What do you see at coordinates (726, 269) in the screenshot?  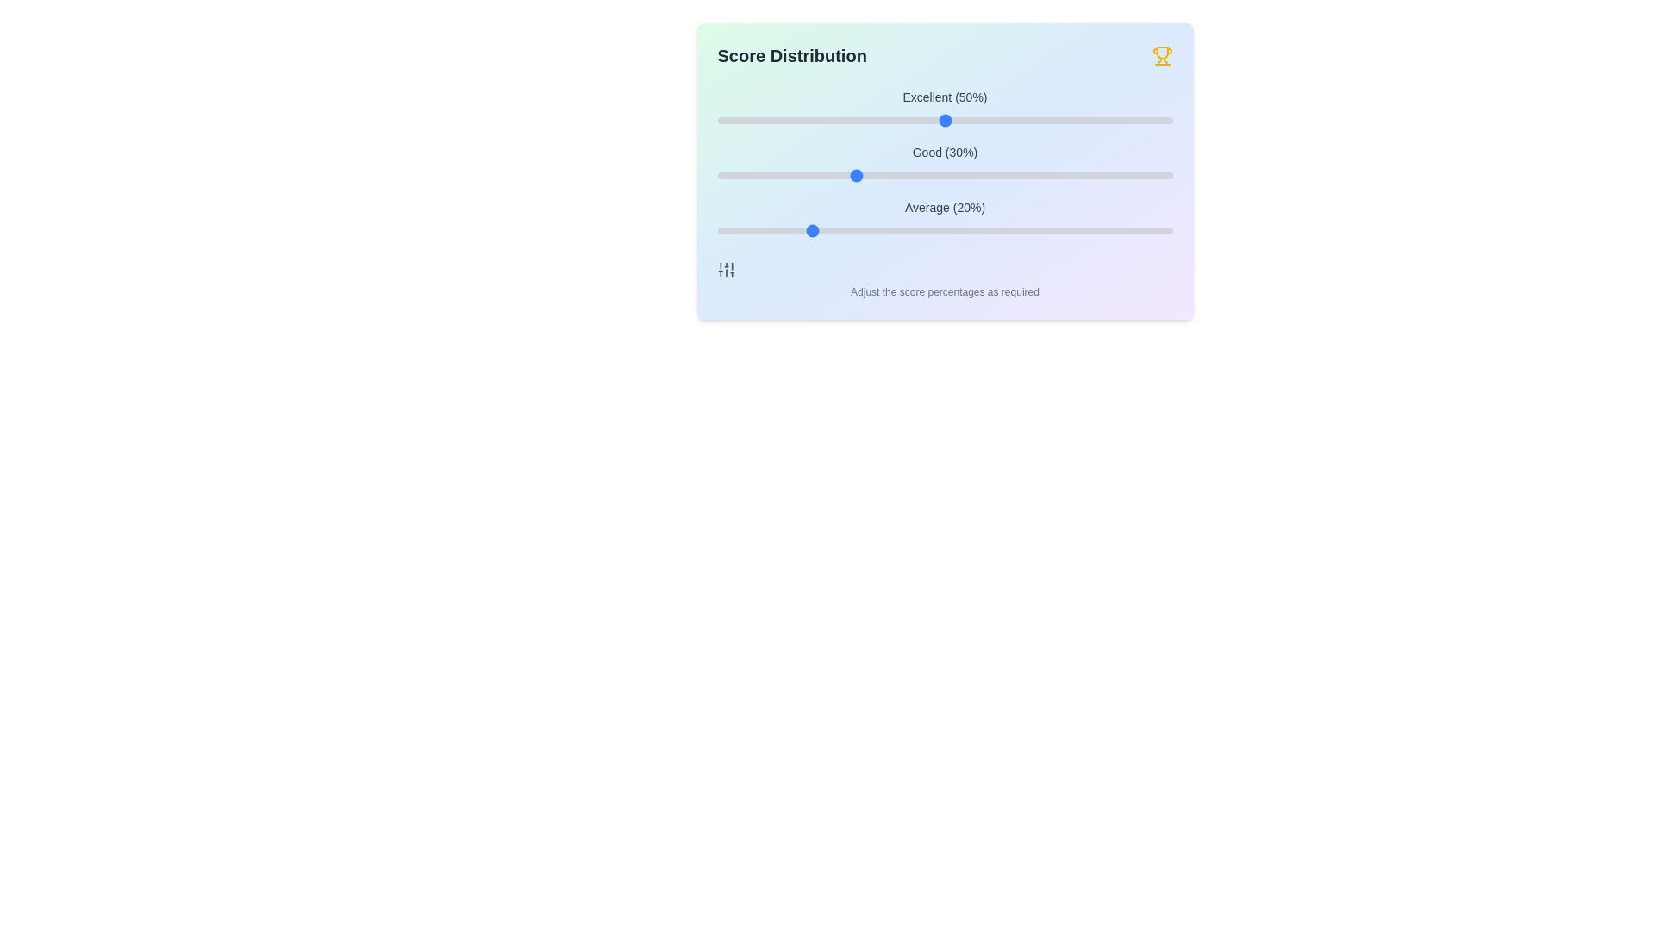 I see `the sliders icon located at the bottom-left of the Score Distribution component` at bounding box center [726, 269].